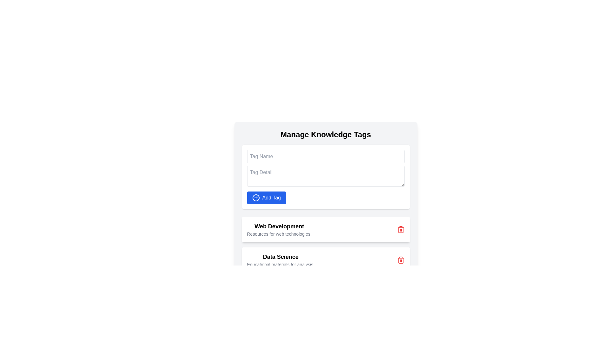  I want to click on text label providing additional context about the 'Web Development' section located centered below the title text, so click(279, 234).